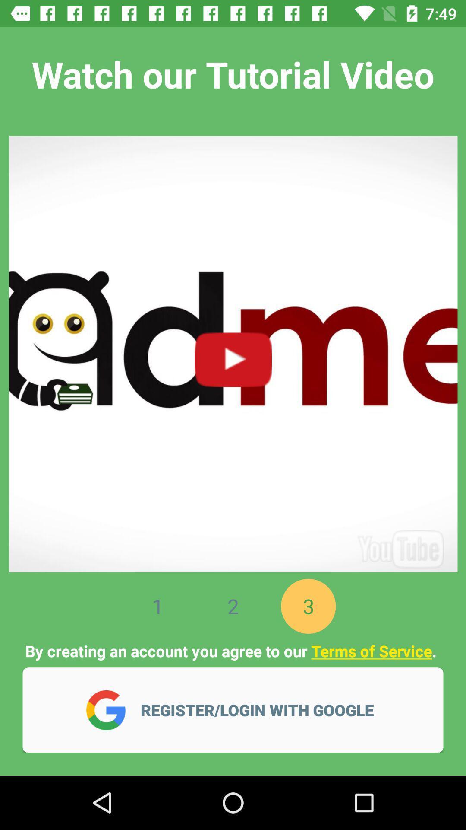 This screenshot has width=466, height=830. Describe the element at coordinates (233, 349) in the screenshot. I see `this video` at that location.